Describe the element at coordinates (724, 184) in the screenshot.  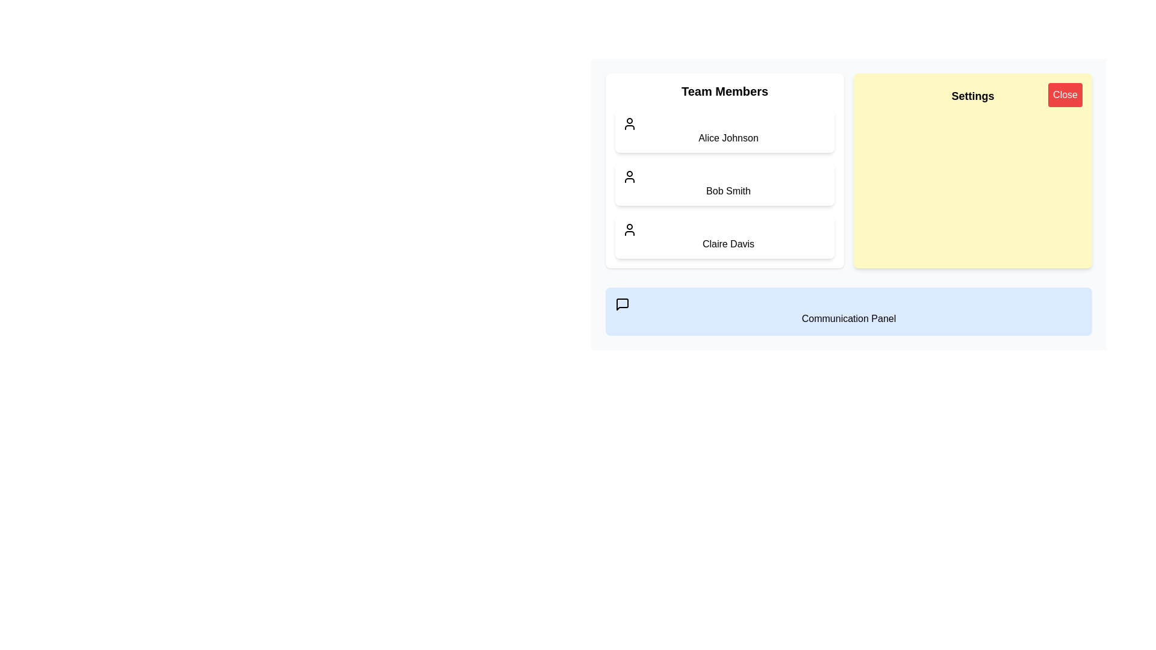
I see `to select the team member 'Bob Smith' from the list of team members located in the white card-style box` at that location.